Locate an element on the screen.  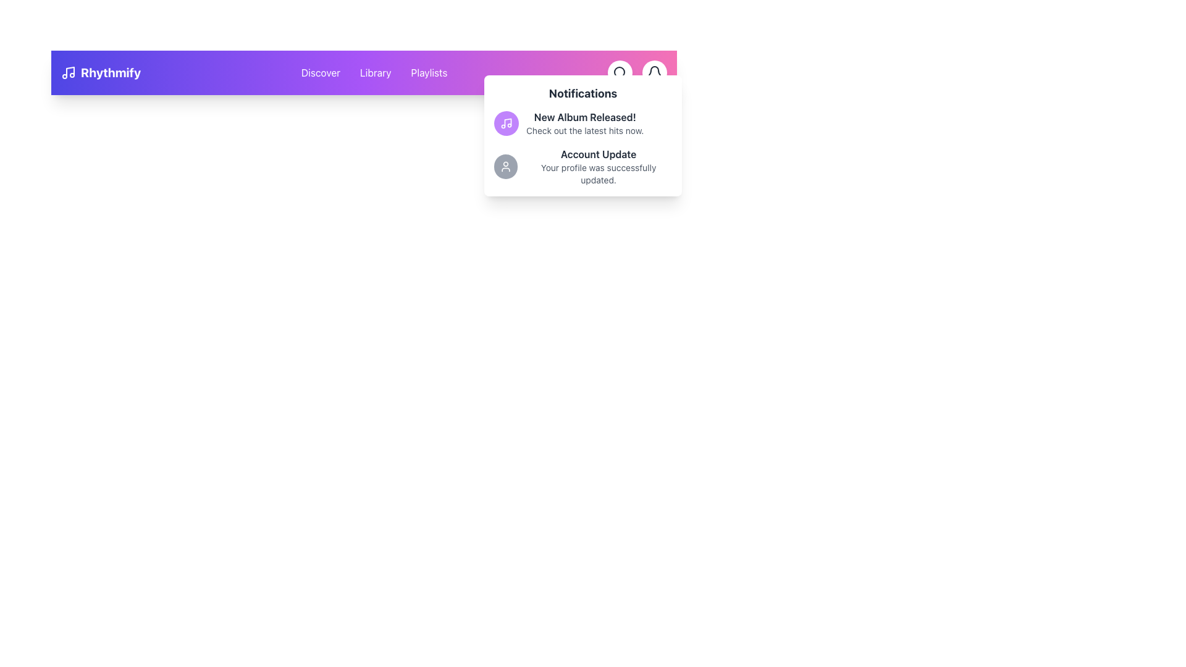
the notification bell icon is located at coordinates (654, 73).